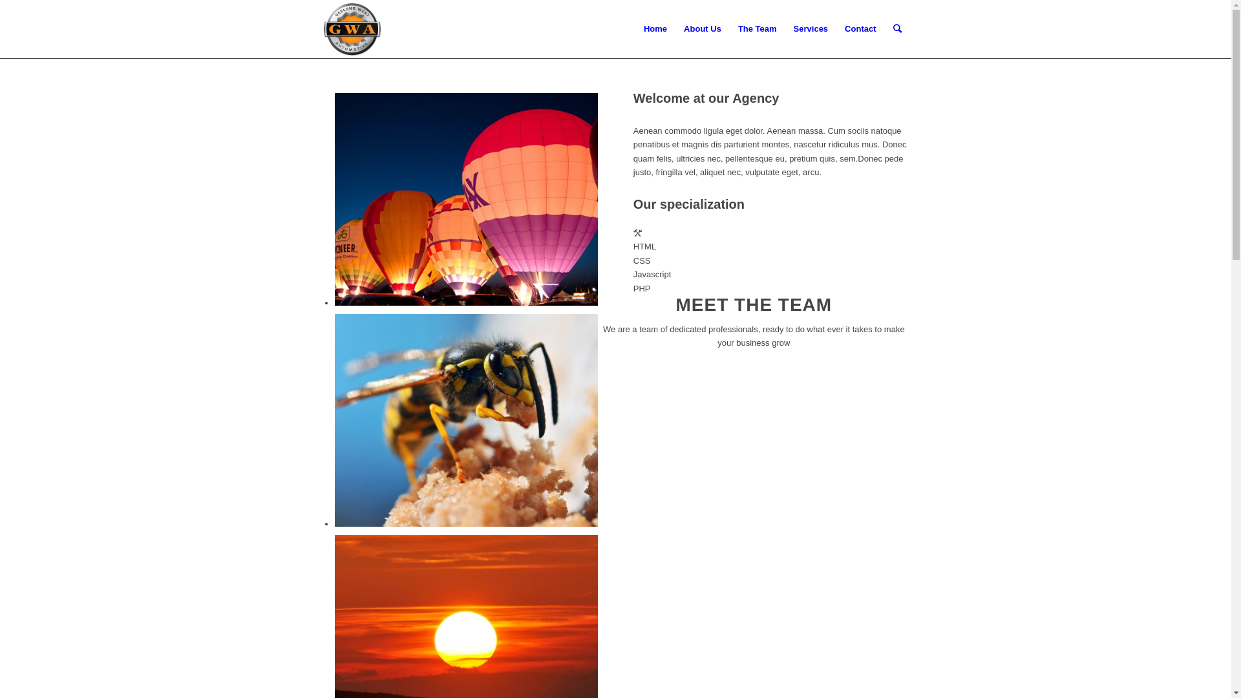 The height and width of the screenshot is (698, 1241). Describe the element at coordinates (465, 199) in the screenshot. I see `'2'` at that location.